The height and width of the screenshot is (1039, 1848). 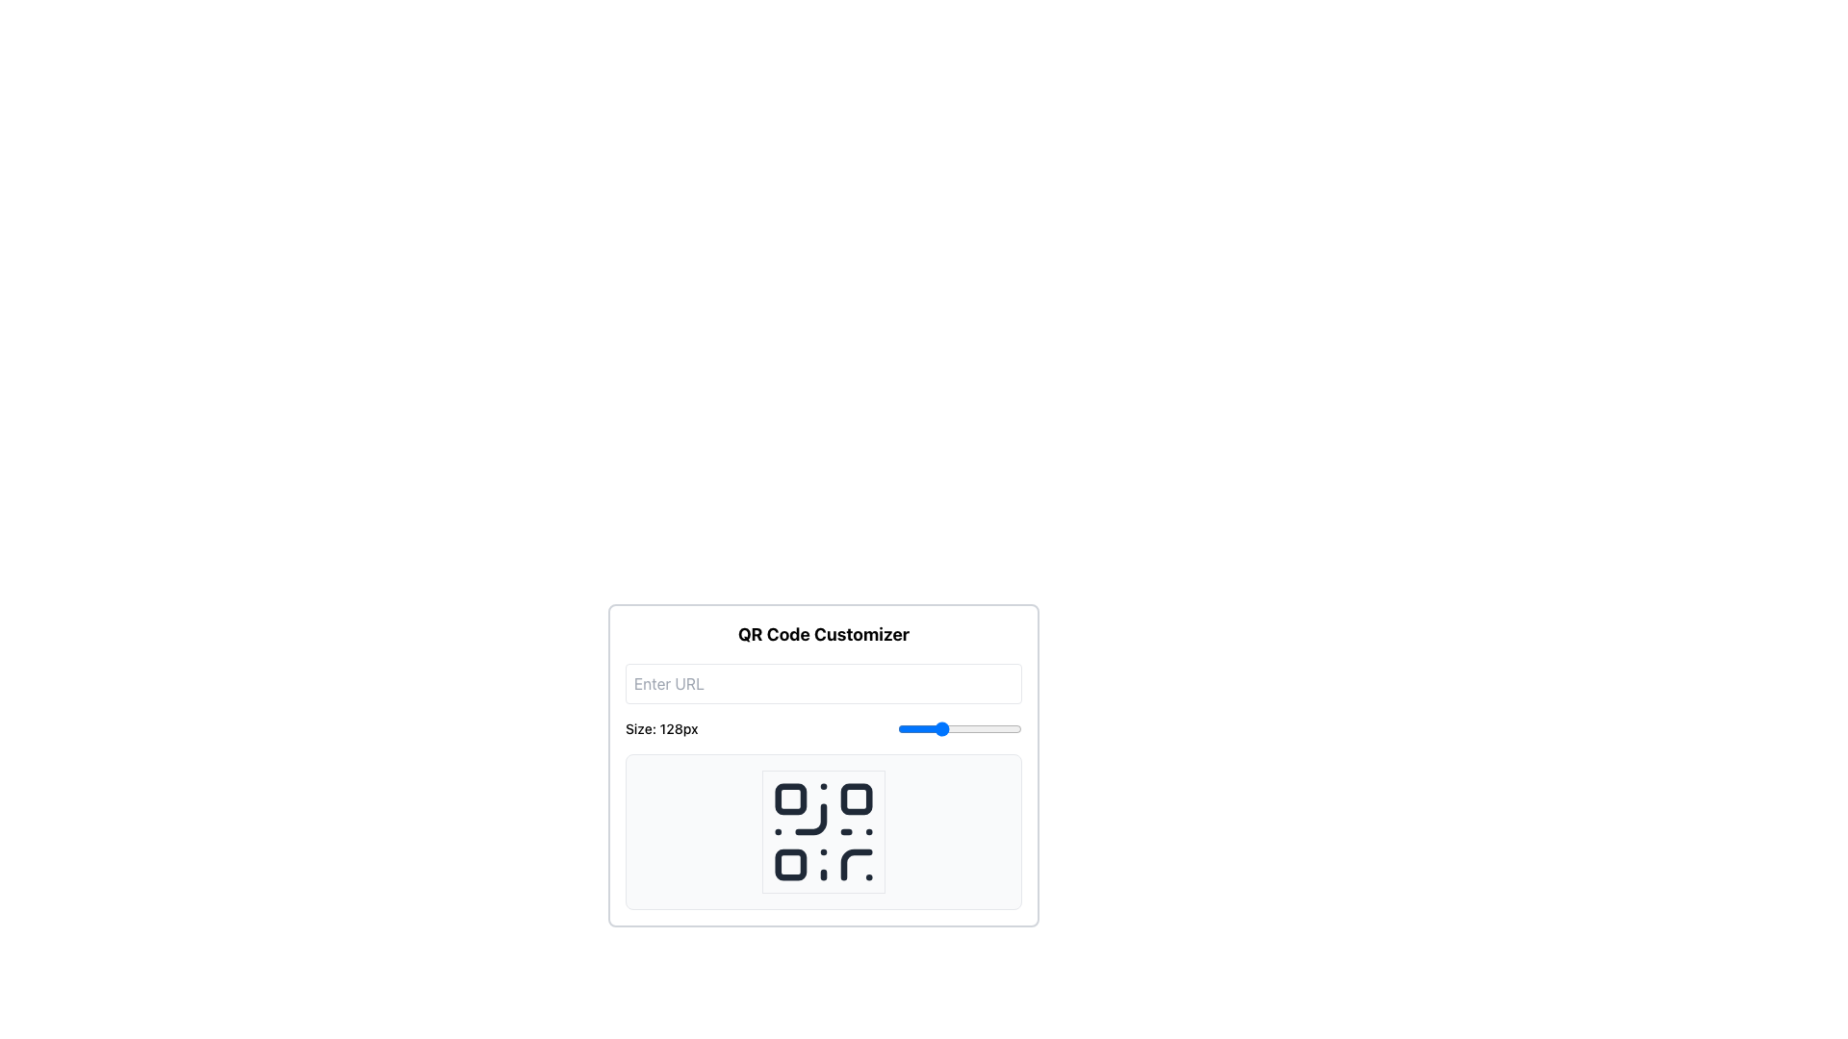 What do you see at coordinates (790, 798) in the screenshot?
I see `the top-left visual module of the QR code, which is part of the QR code structure` at bounding box center [790, 798].